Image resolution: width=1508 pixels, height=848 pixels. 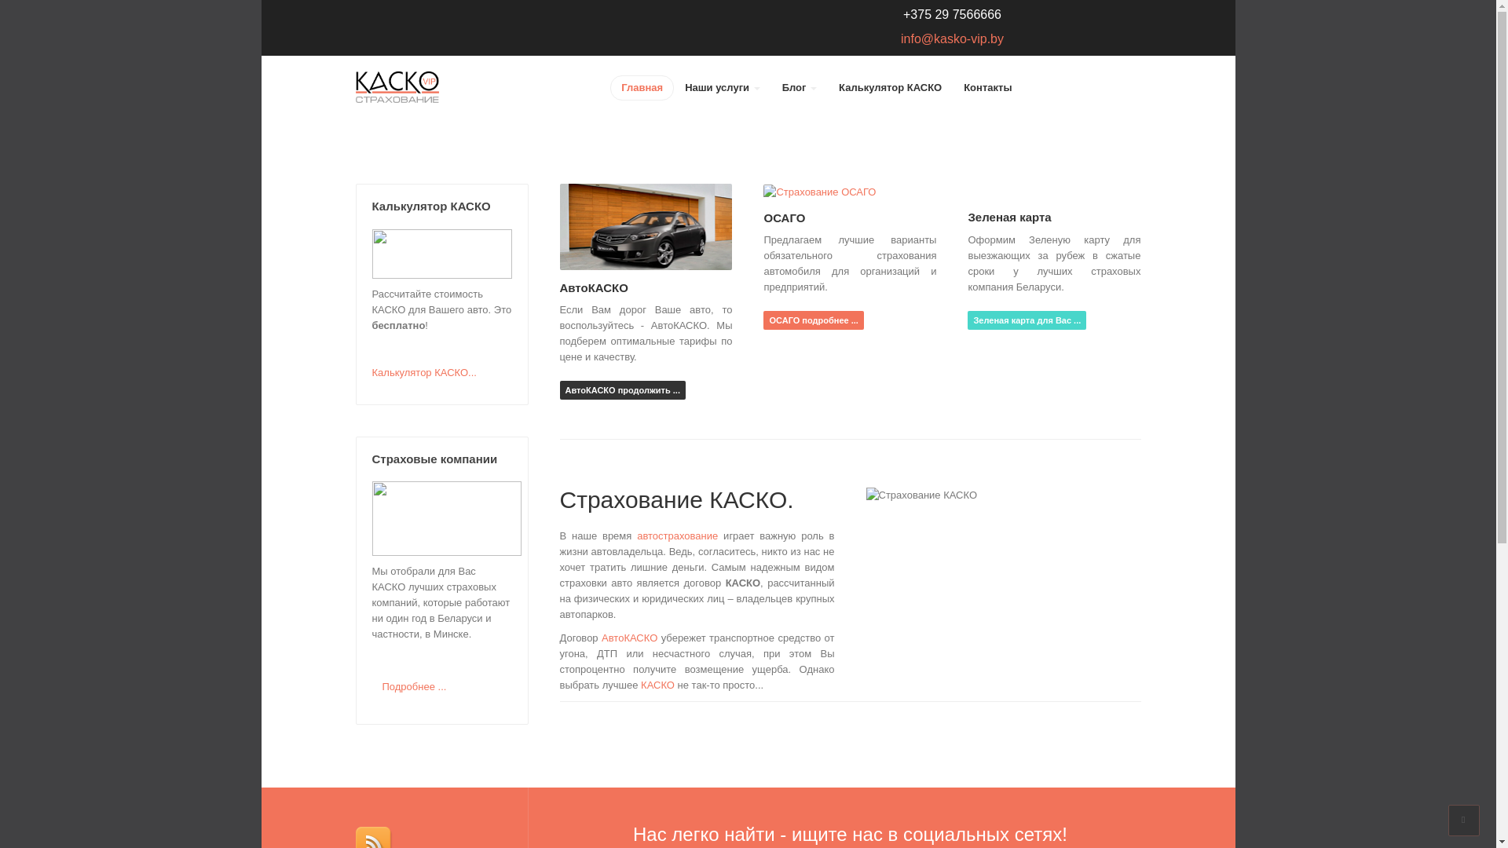 I want to click on 'info@kasko-vip.by', so click(x=901, y=38).